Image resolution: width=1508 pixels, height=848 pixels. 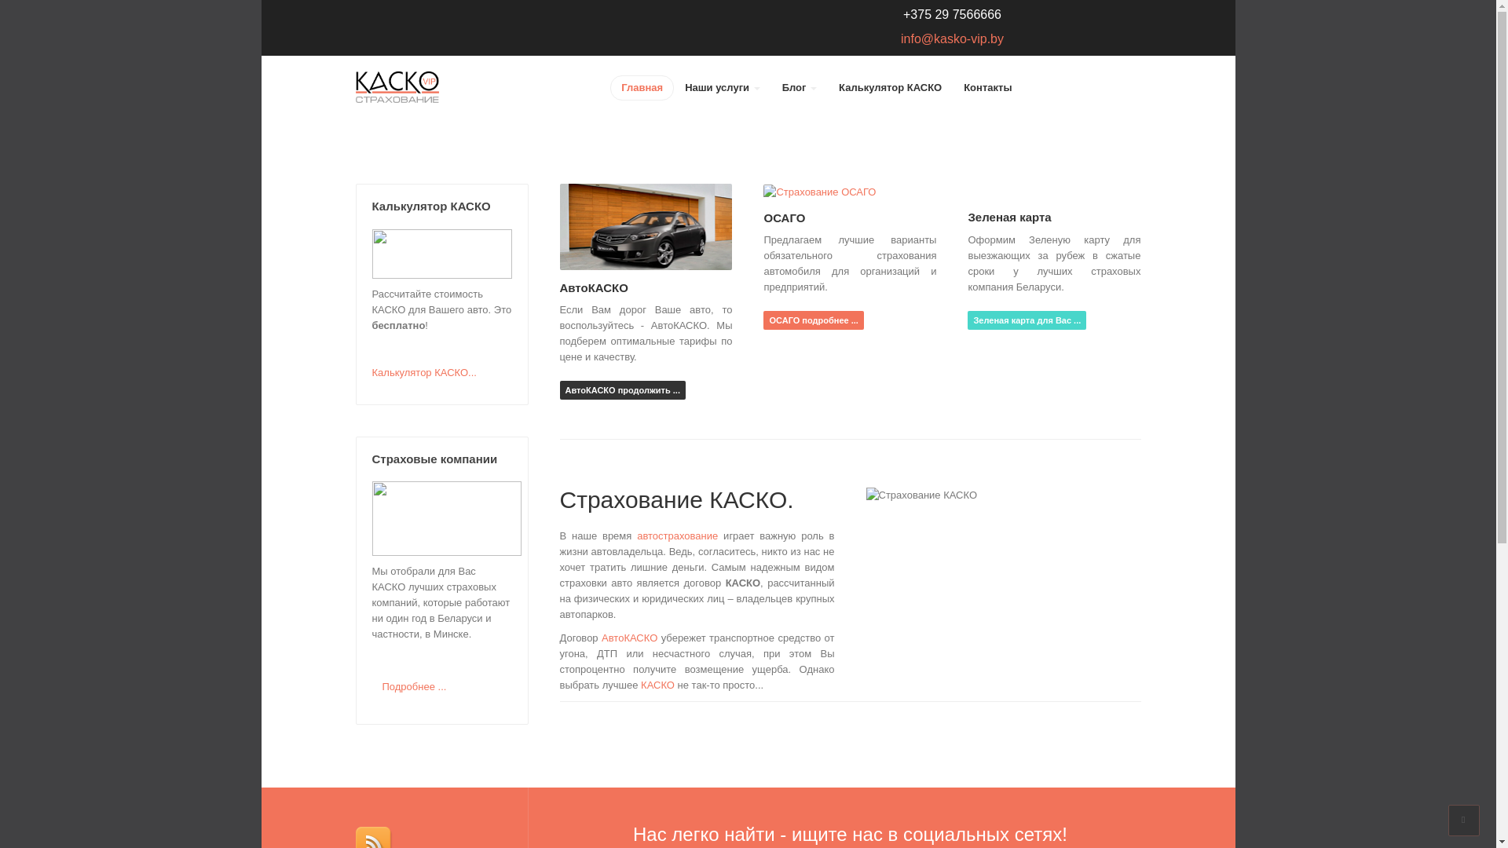 I want to click on 'info@kasko-vip.by', so click(x=901, y=38).